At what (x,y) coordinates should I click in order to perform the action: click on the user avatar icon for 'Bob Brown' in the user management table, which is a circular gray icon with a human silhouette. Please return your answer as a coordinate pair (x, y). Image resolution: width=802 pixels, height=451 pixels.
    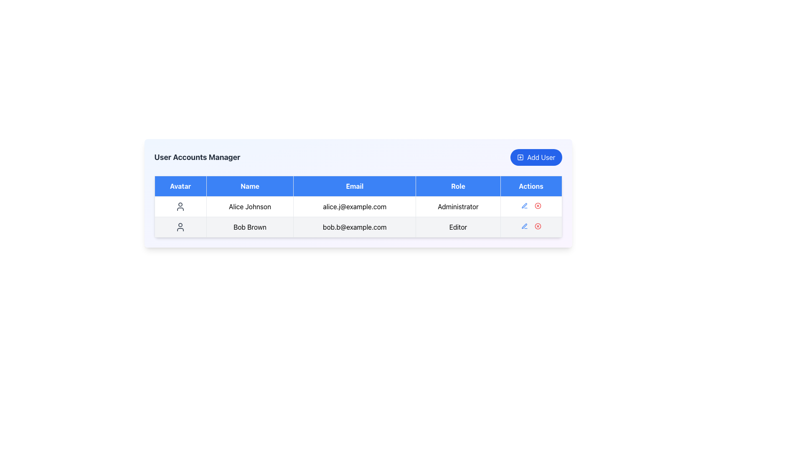
    Looking at the image, I should click on (180, 227).